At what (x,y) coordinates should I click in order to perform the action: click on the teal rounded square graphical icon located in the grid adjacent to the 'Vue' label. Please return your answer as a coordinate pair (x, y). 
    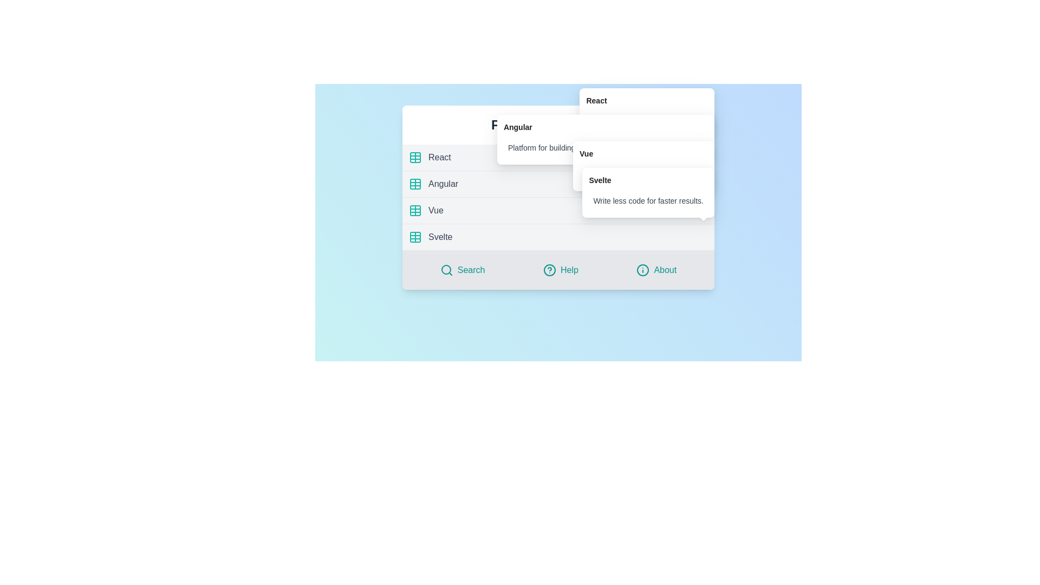
    Looking at the image, I should click on (415, 211).